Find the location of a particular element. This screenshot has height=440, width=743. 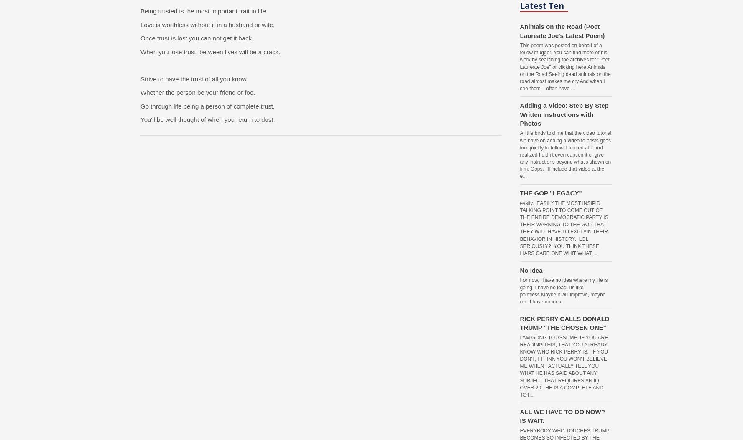

'easily.  EASILY THE MOST INSIPID TALKING POINT TO COME OUT OF THE ENTIRE DEMOCRATIC PARTY IS THEIR WARNING TO THE GOP THAT THEY WILL HAVE TO EXPLAIN THEIR BEHAVIOR IN HISTORY.  LOL  SERIOUSLY?  YOU THINK THESE LIARS CARE ONE WHIT WHAT ...' is located at coordinates (564, 228).